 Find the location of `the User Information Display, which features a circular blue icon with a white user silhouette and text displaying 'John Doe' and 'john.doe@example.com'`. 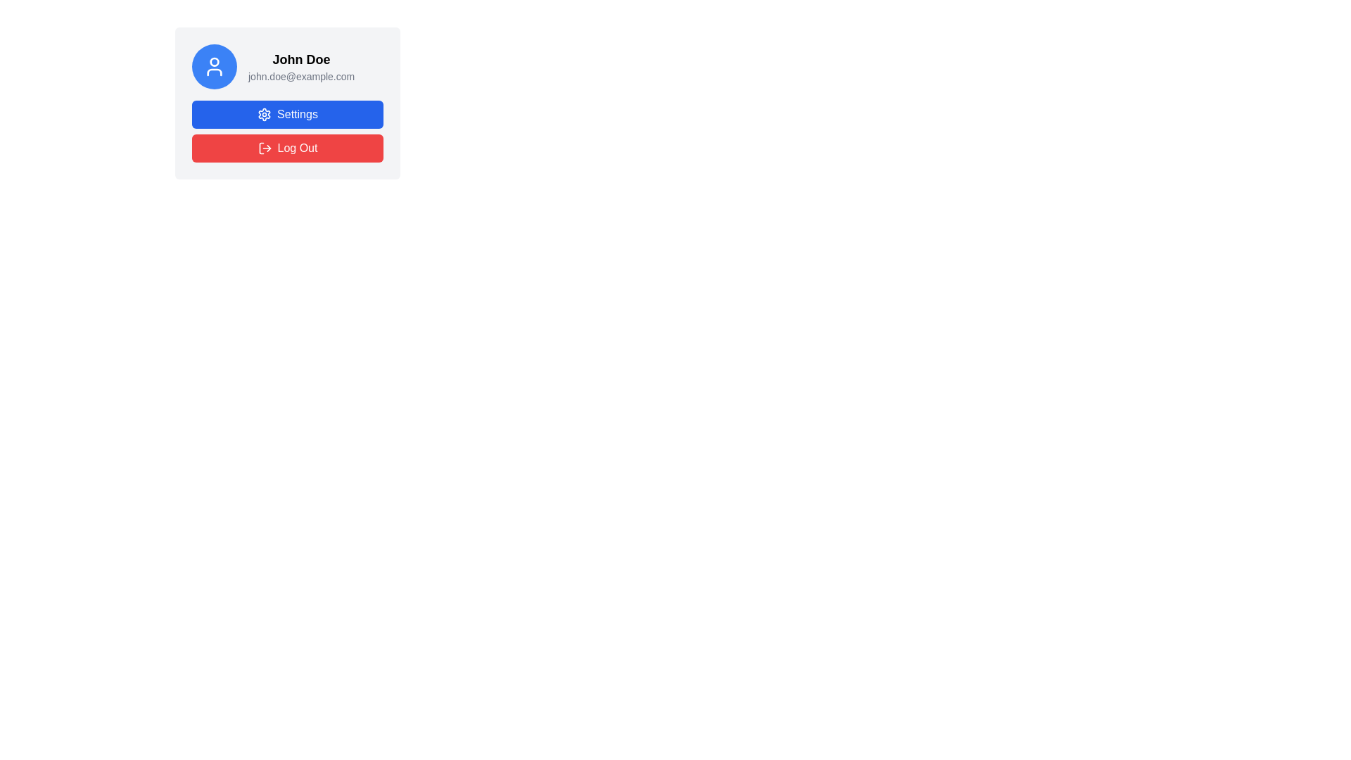

the User Information Display, which features a circular blue icon with a white user silhouette and text displaying 'John Doe' and 'john.doe@example.com' is located at coordinates (286, 67).